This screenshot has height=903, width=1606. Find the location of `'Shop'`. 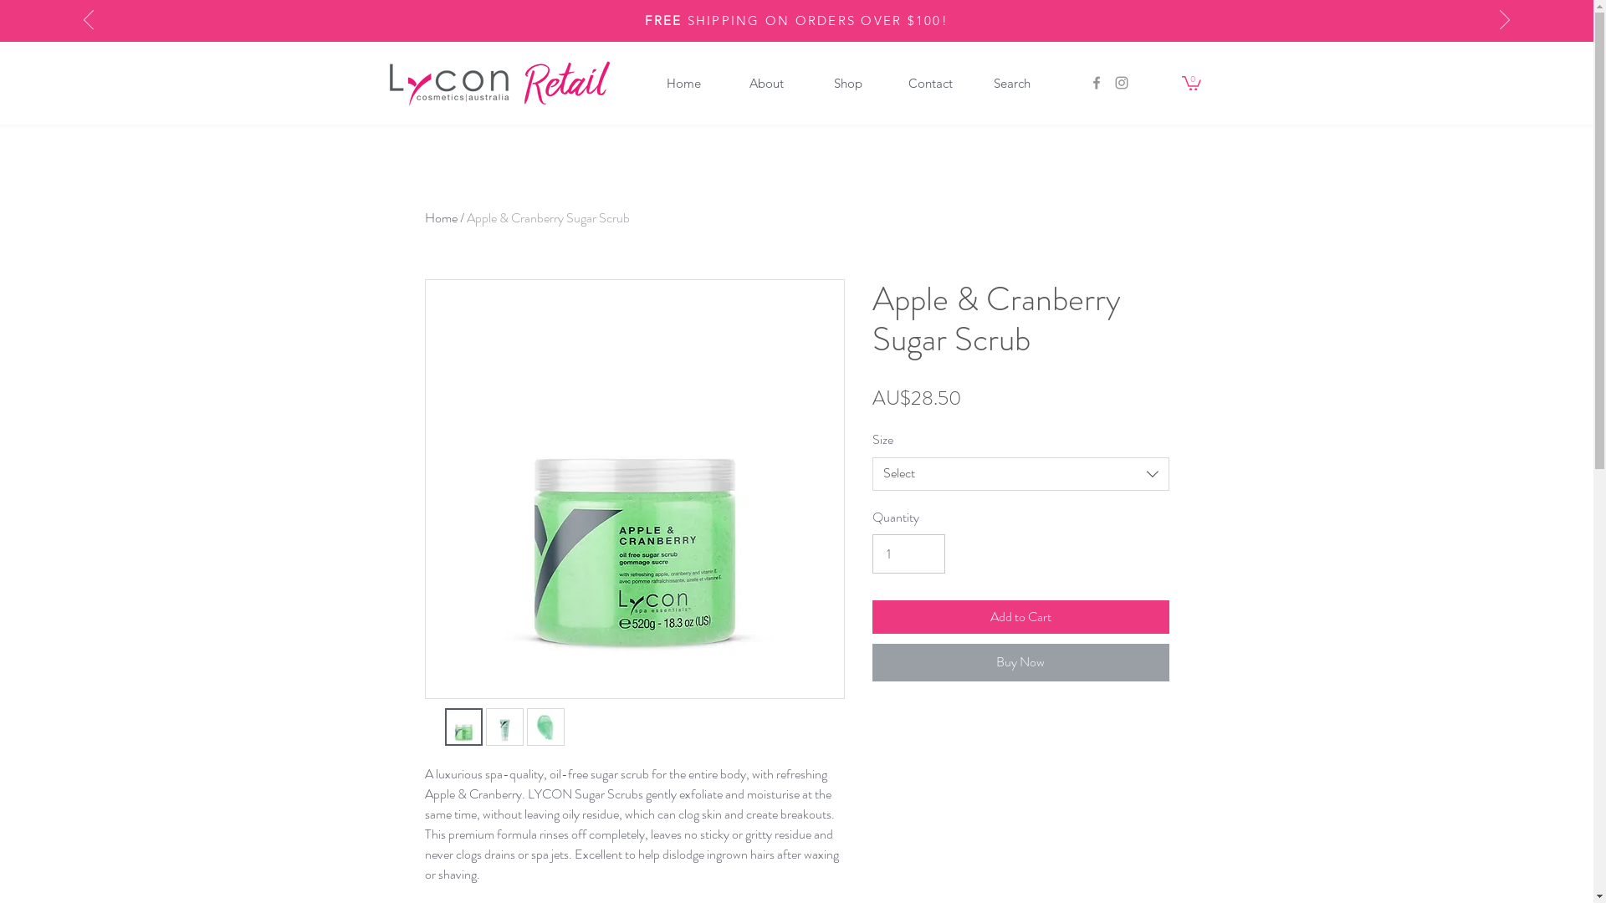

'Shop' is located at coordinates (846, 83).